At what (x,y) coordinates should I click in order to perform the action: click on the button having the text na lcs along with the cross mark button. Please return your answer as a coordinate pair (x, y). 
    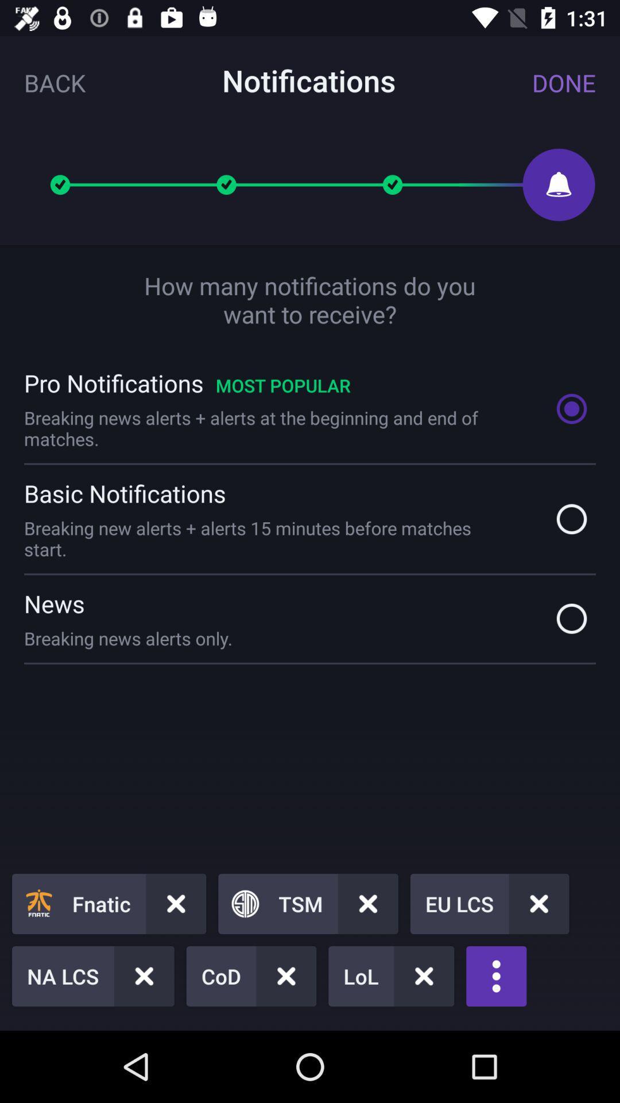
    Looking at the image, I should click on (92, 975).